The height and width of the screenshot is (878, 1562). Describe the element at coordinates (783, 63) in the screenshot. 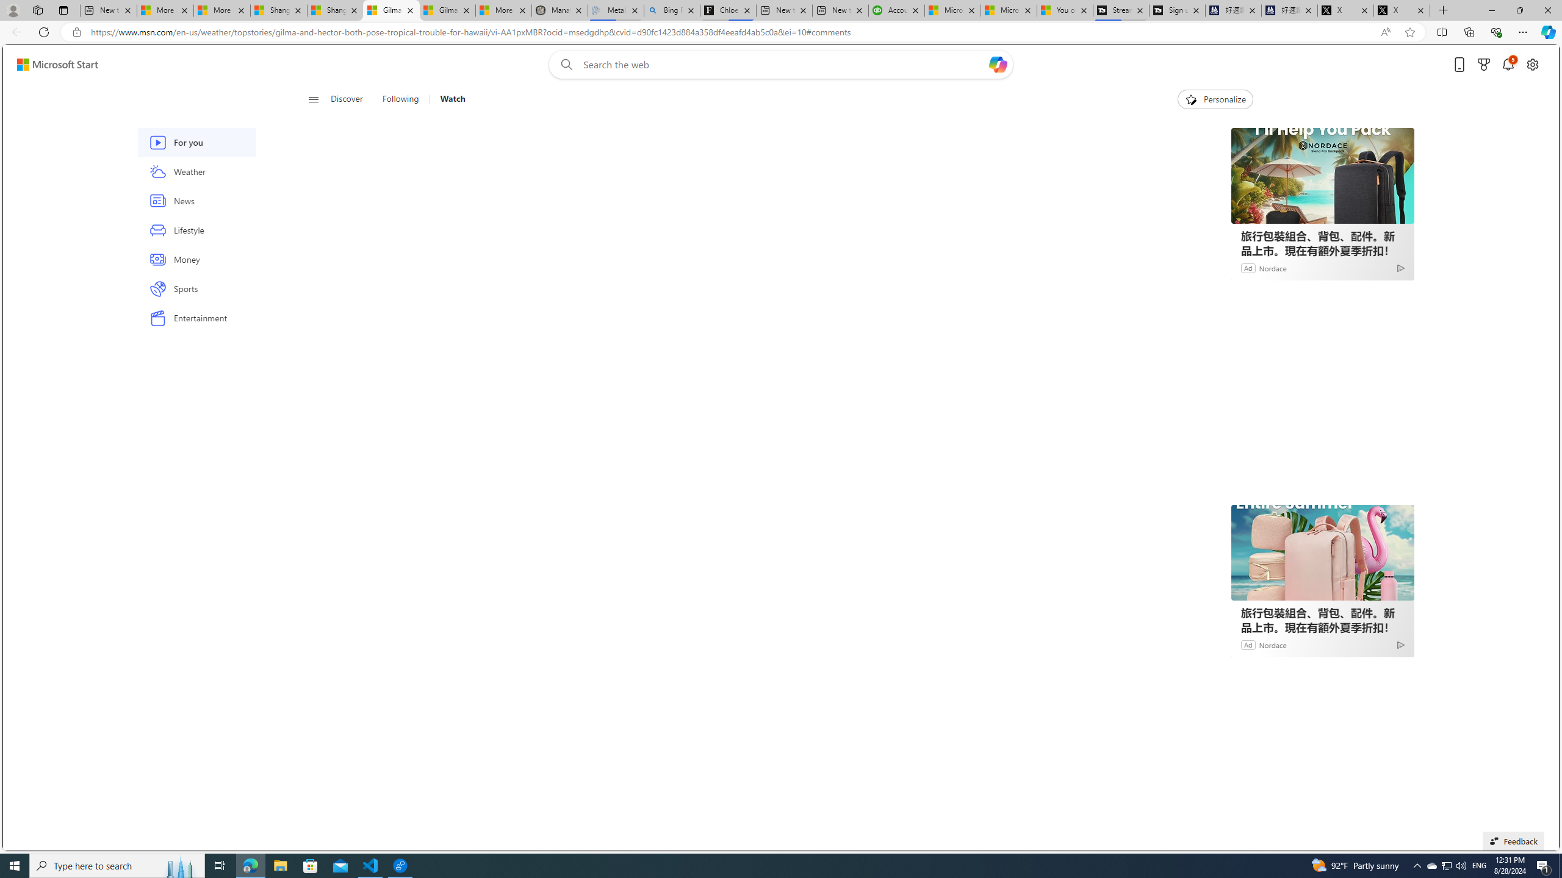

I see `'Enter your search term'` at that location.